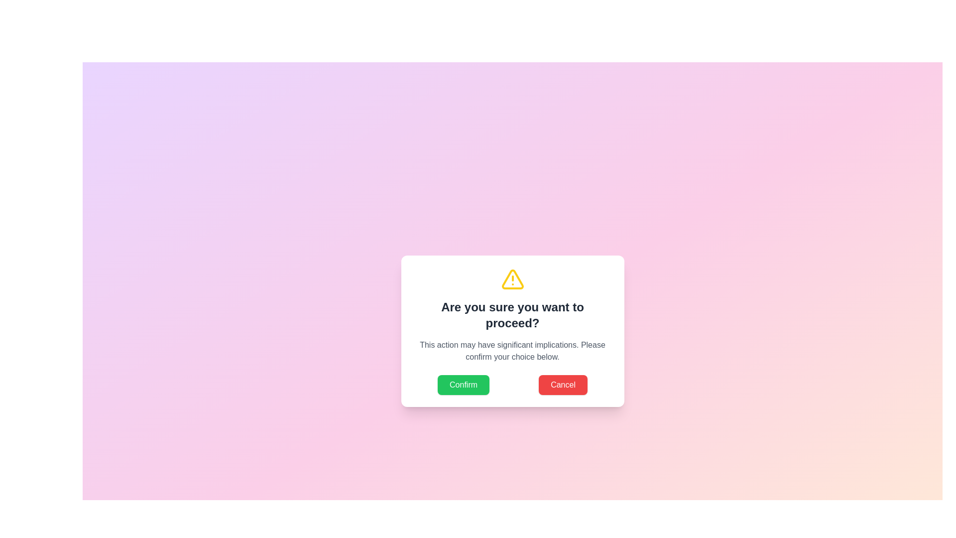 The height and width of the screenshot is (538, 956). I want to click on the green 'Confirm' button with white bold text, so click(463, 384).